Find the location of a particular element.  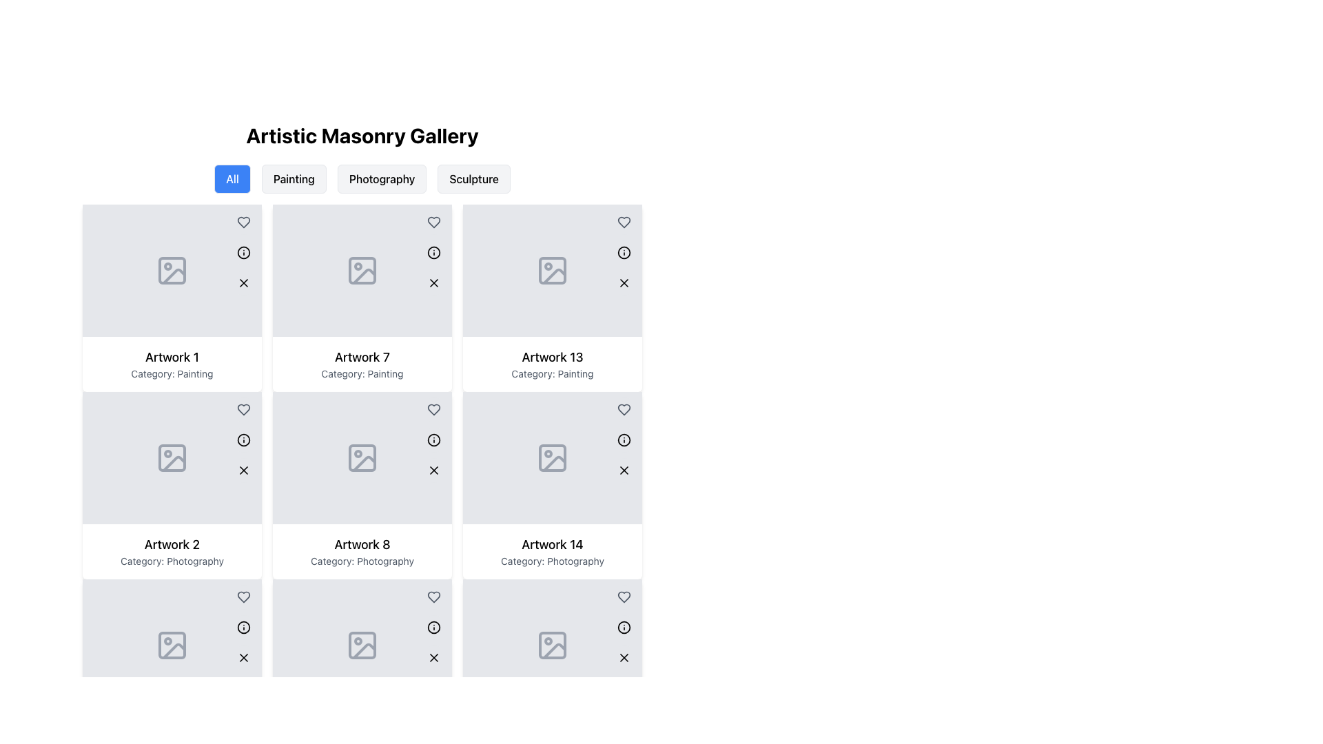

the close button (X) located at the bottom-right corner of the 'Artwork 14, Category: Photography' card is located at coordinates (624, 657).